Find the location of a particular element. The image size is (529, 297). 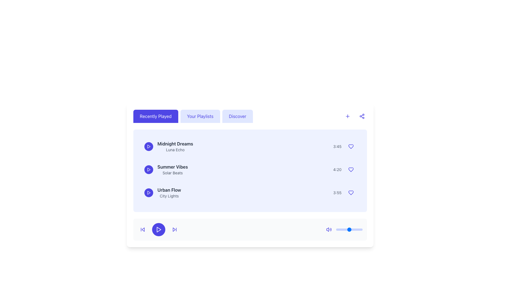

the button with a share icon is located at coordinates (362, 116).